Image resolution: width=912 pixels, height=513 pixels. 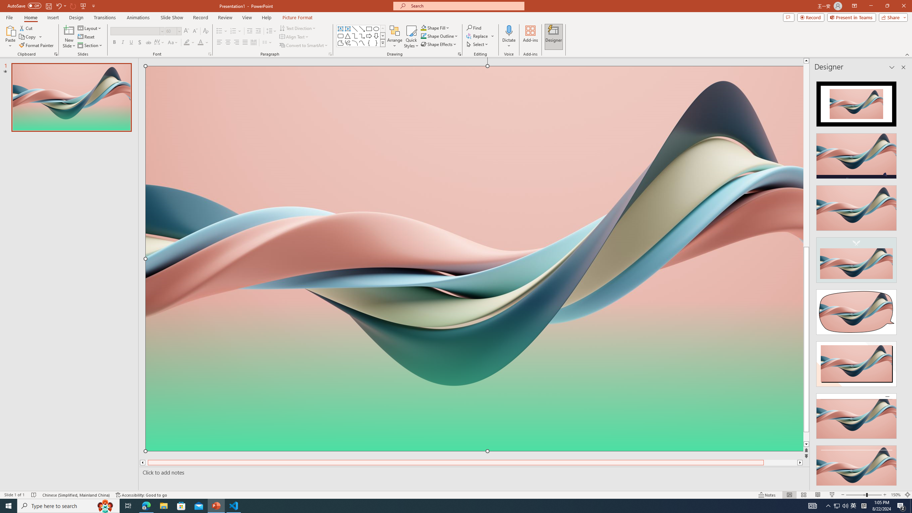 What do you see at coordinates (297, 17) in the screenshot?
I see `'Picture Format'` at bounding box center [297, 17].